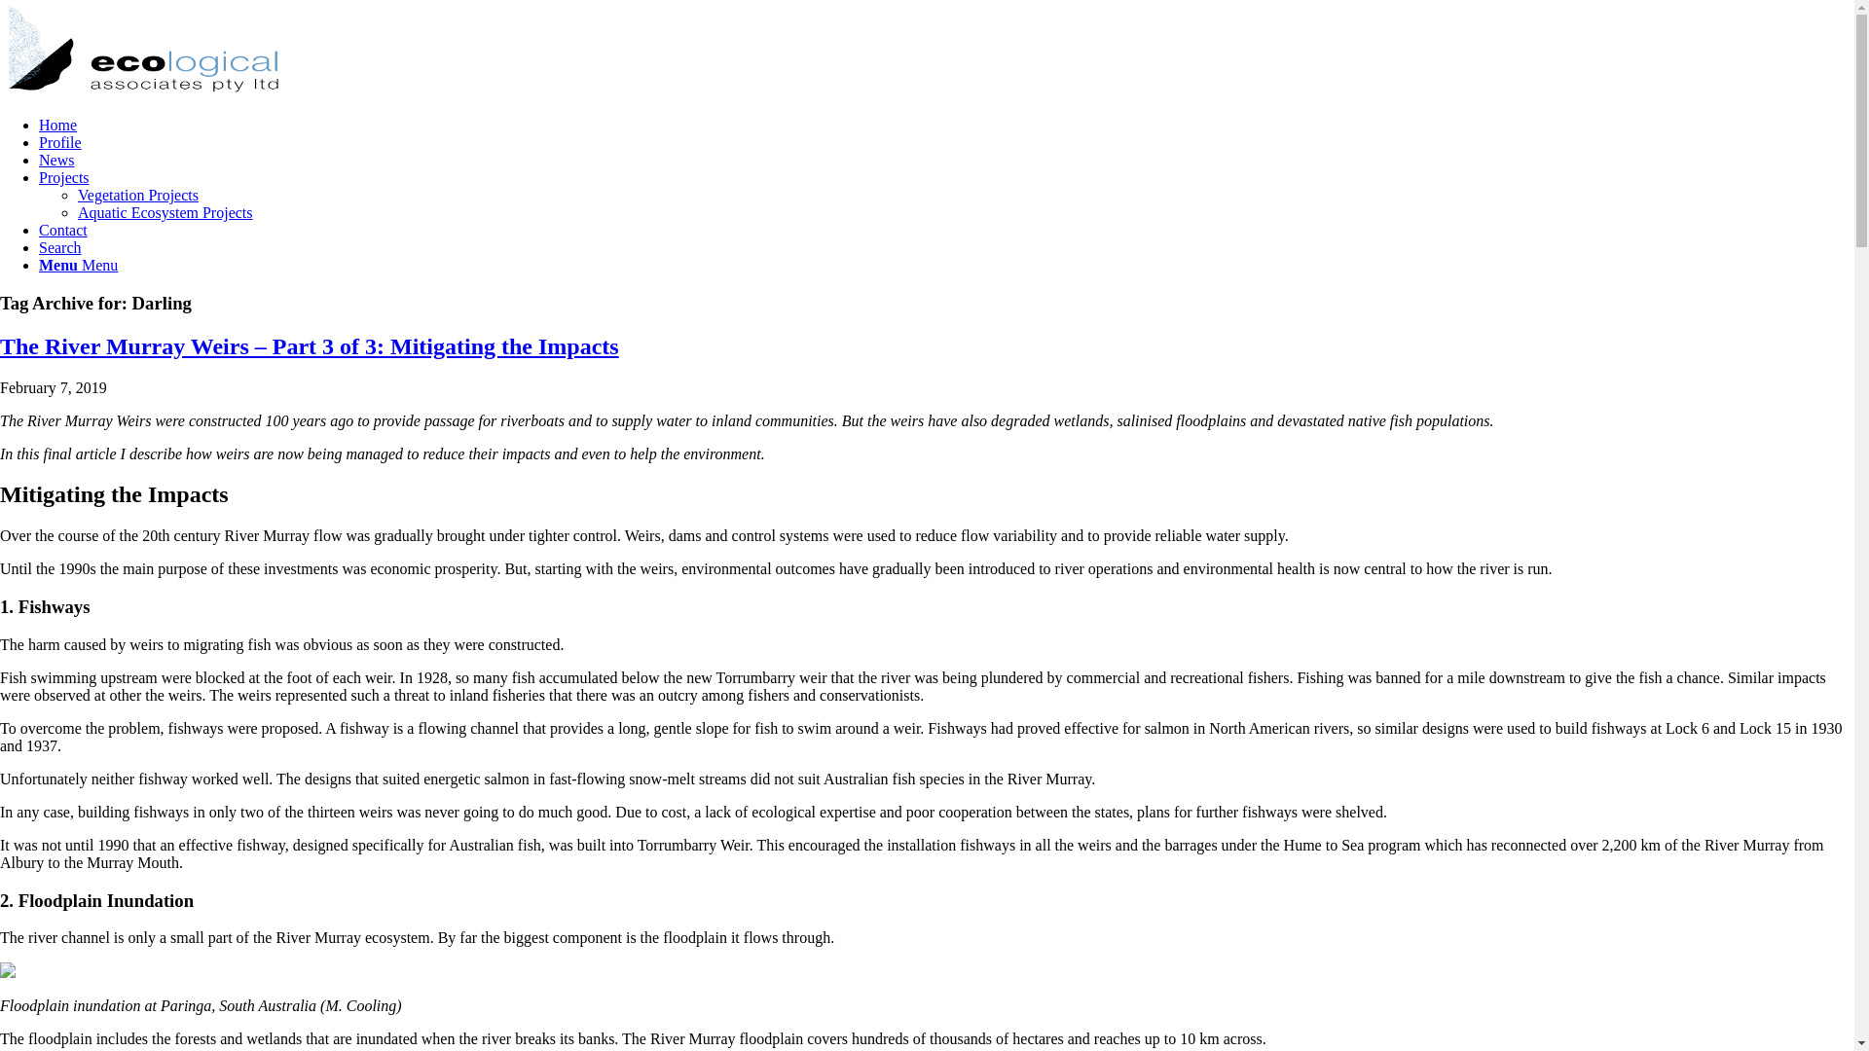 The width and height of the screenshot is (1869, 1051). Describe the element at coordinates (55, 159) in the screenshot. I see `'News'` at that location.